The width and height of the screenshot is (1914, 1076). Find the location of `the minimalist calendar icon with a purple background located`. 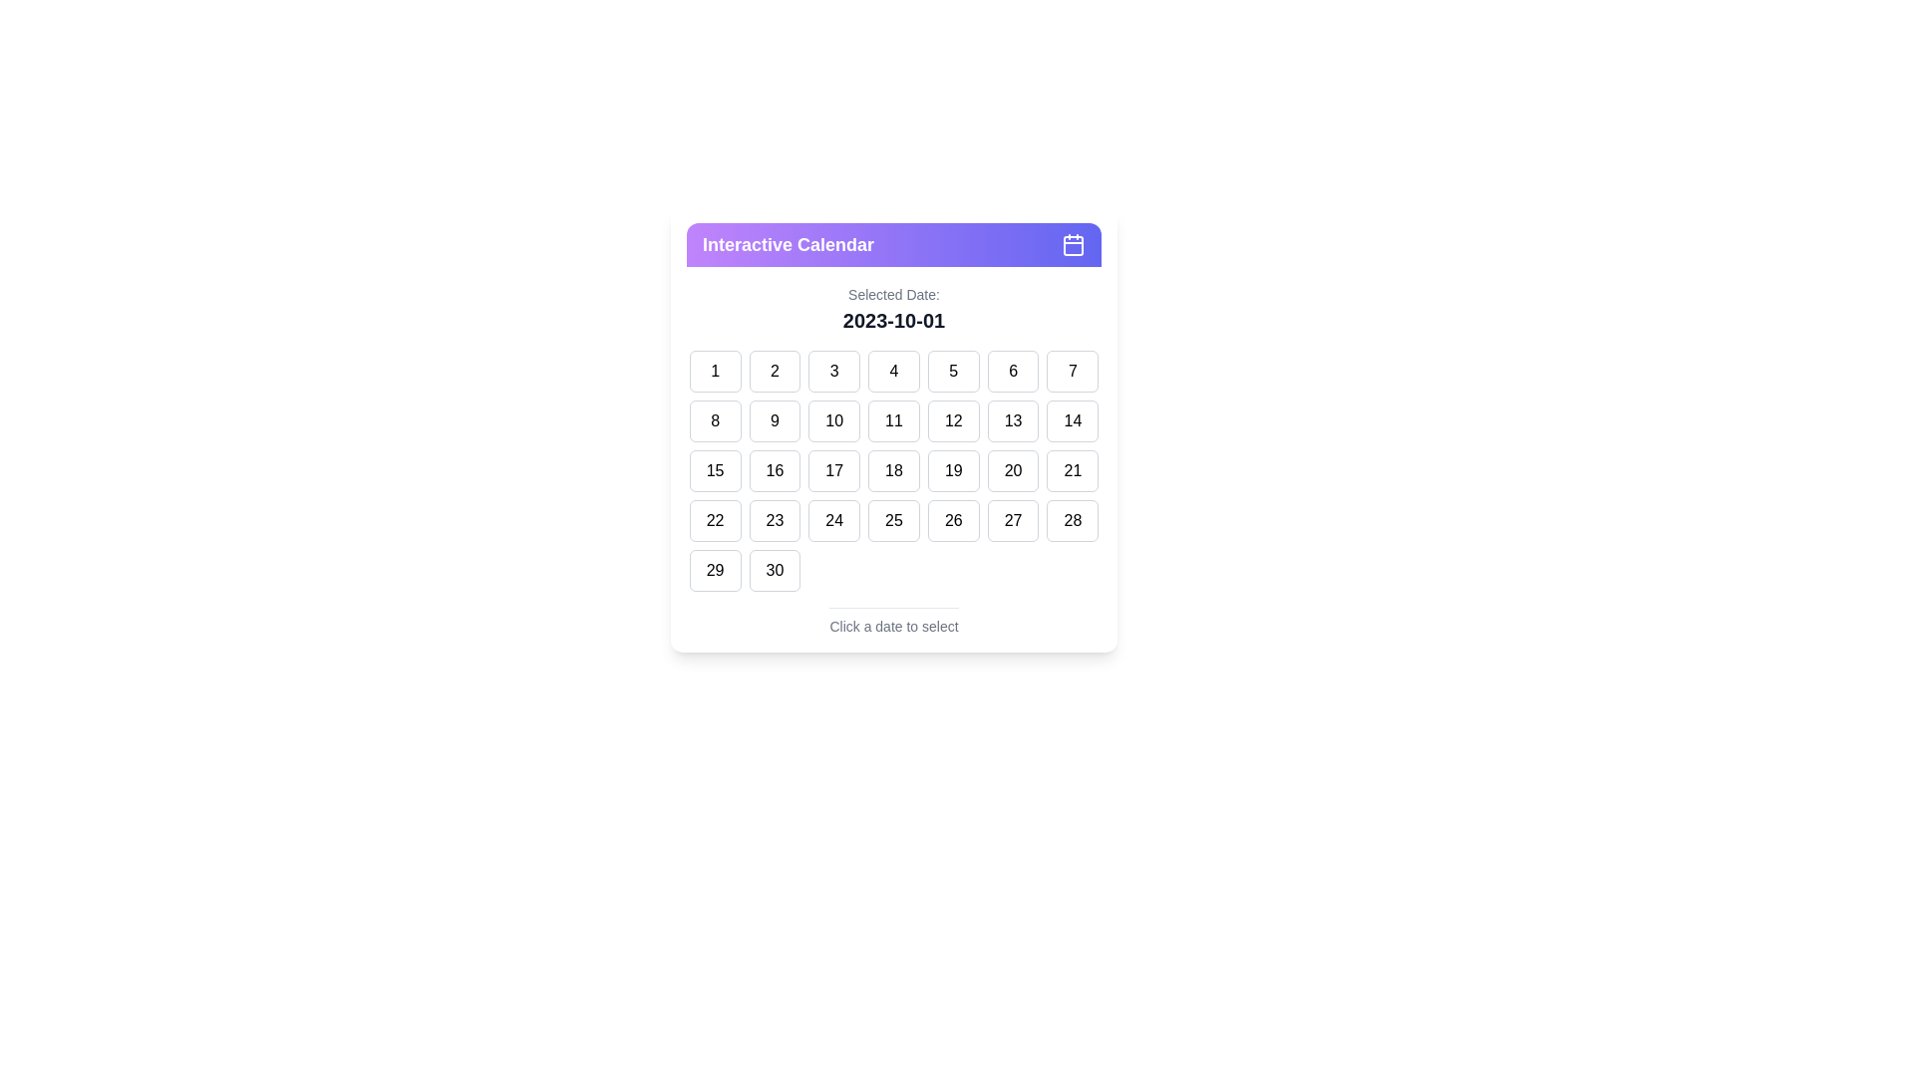

the minimalist calendar icon with a purple background located is located at coordinates (1072, 244).